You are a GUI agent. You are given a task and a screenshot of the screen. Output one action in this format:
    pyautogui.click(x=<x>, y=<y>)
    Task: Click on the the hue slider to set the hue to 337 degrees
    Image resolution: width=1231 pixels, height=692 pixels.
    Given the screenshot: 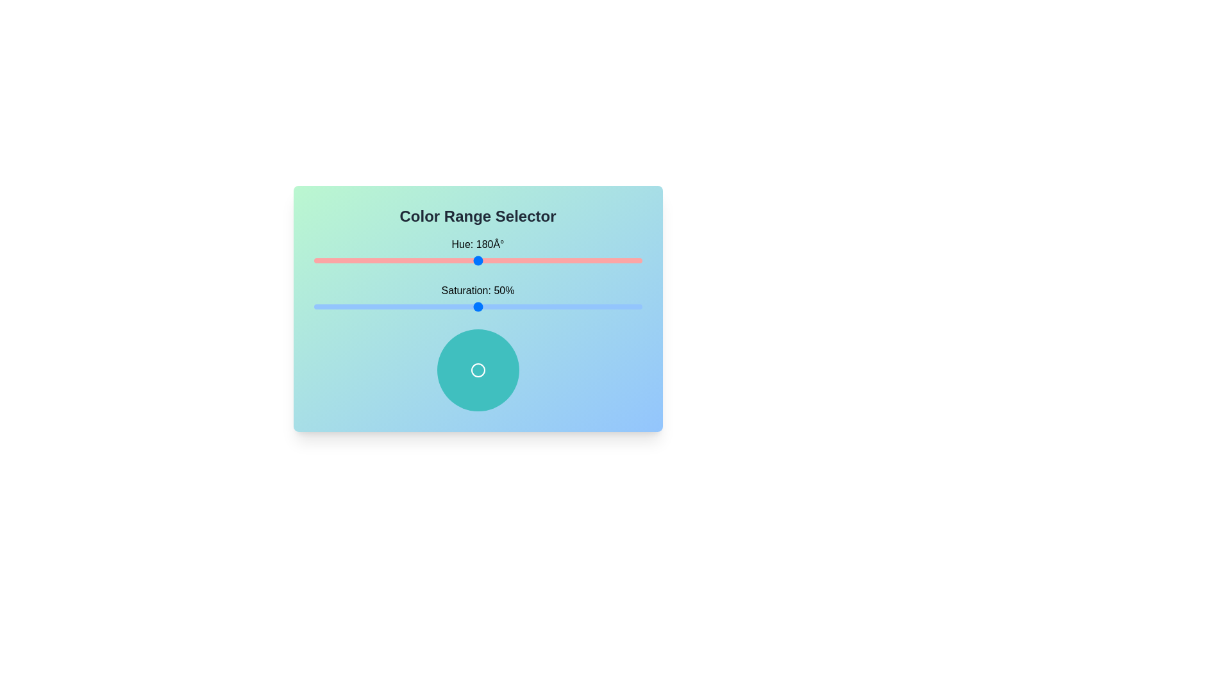 What is the action you would take?
    pyautogui.click(x=621, y=260)
    